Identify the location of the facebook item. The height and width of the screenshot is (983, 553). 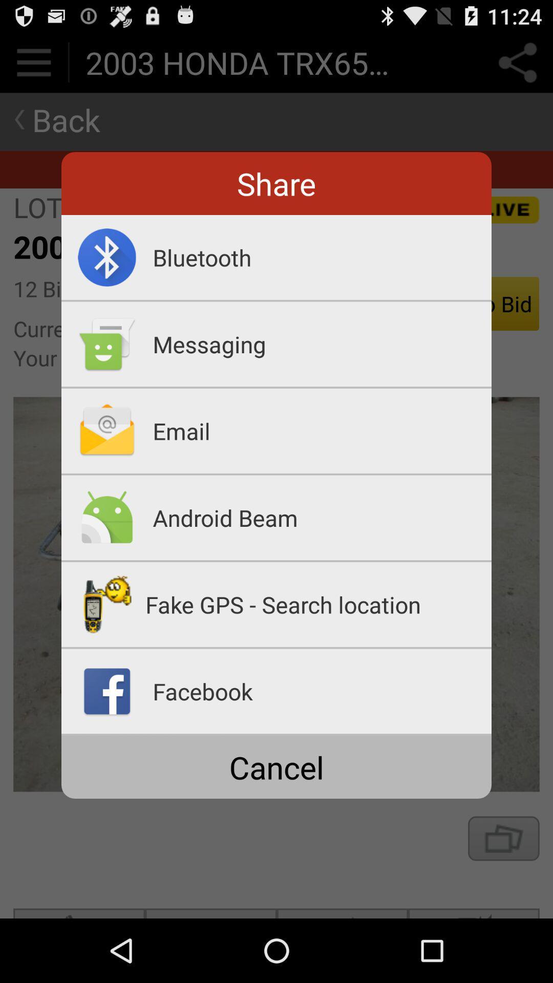
(322, 691).